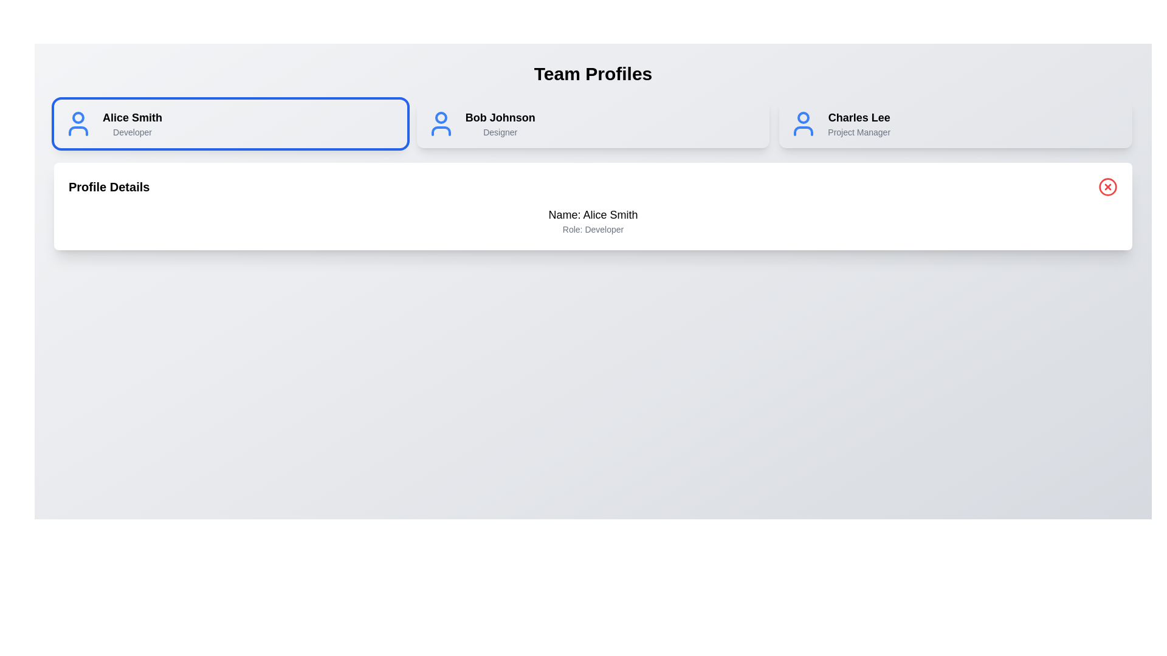 This screenshot has width=1167, height=656. I want to click on text label displaying 'Alice Smith' which identifies the profile in the profile details section, located below 'Profile Details' and above 'Role: Developer', so click(593, 214).